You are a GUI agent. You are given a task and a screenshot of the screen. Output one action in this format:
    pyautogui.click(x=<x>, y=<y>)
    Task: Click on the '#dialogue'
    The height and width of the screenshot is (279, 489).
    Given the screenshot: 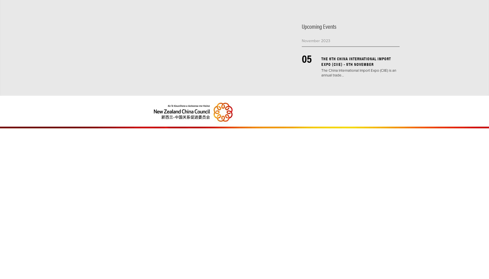 What is the action you would take?
    pyautogui.click(x=344, y=10)
    